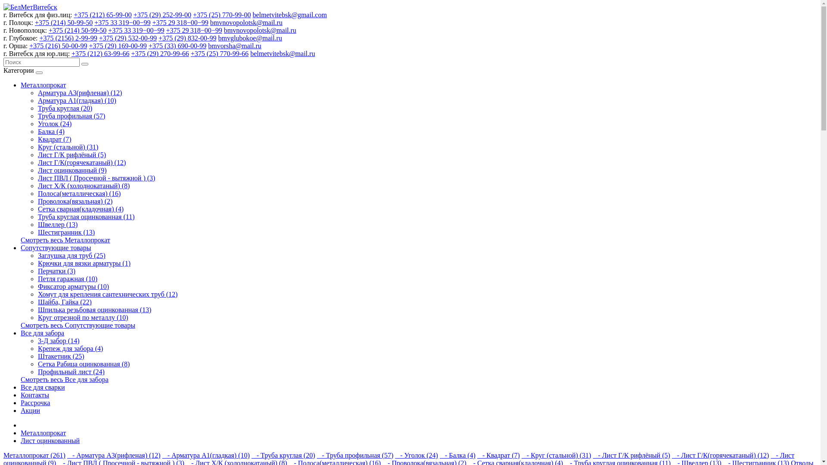 This screenshot has height=465, width=827. I want to click on 'belmetvitebsk@gmail.com', so click(289, 15).